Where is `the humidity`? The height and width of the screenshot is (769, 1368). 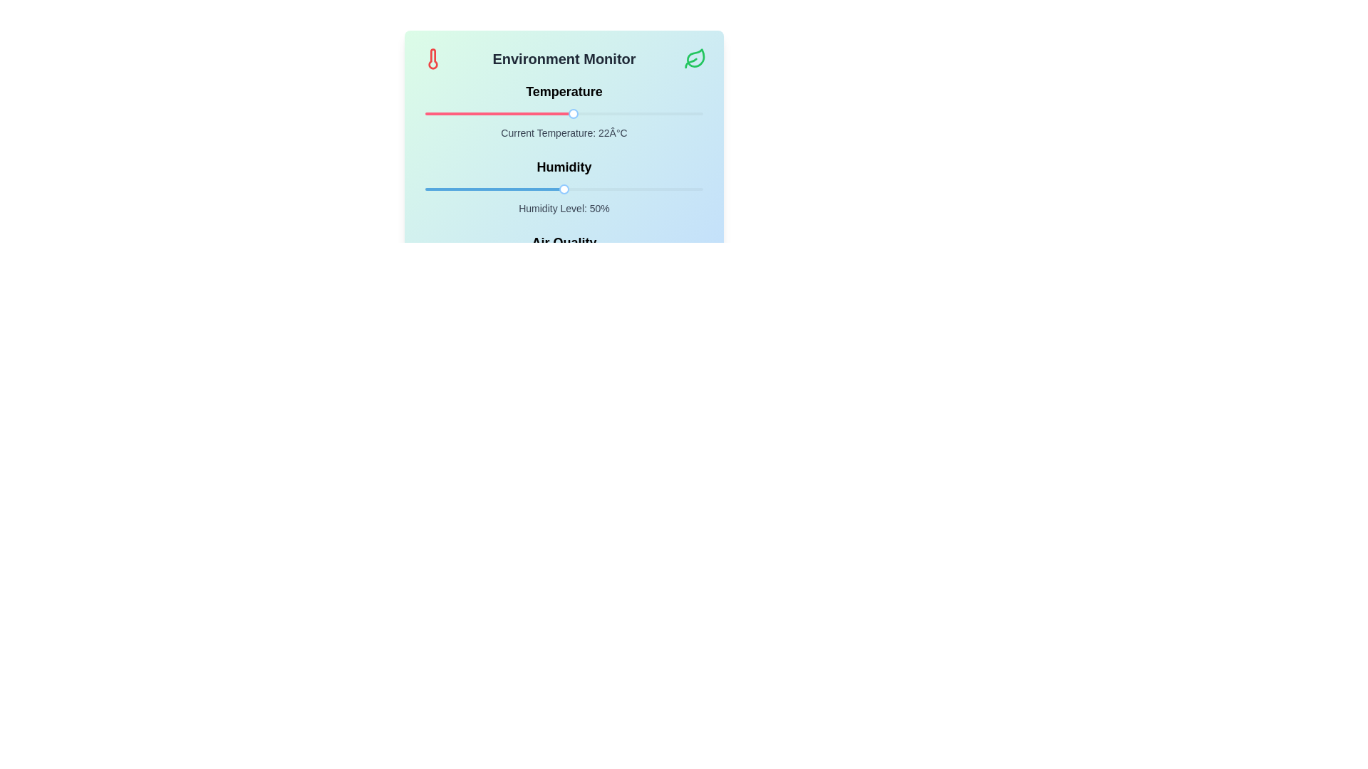 the humidity is located at coordinates (561, 189).